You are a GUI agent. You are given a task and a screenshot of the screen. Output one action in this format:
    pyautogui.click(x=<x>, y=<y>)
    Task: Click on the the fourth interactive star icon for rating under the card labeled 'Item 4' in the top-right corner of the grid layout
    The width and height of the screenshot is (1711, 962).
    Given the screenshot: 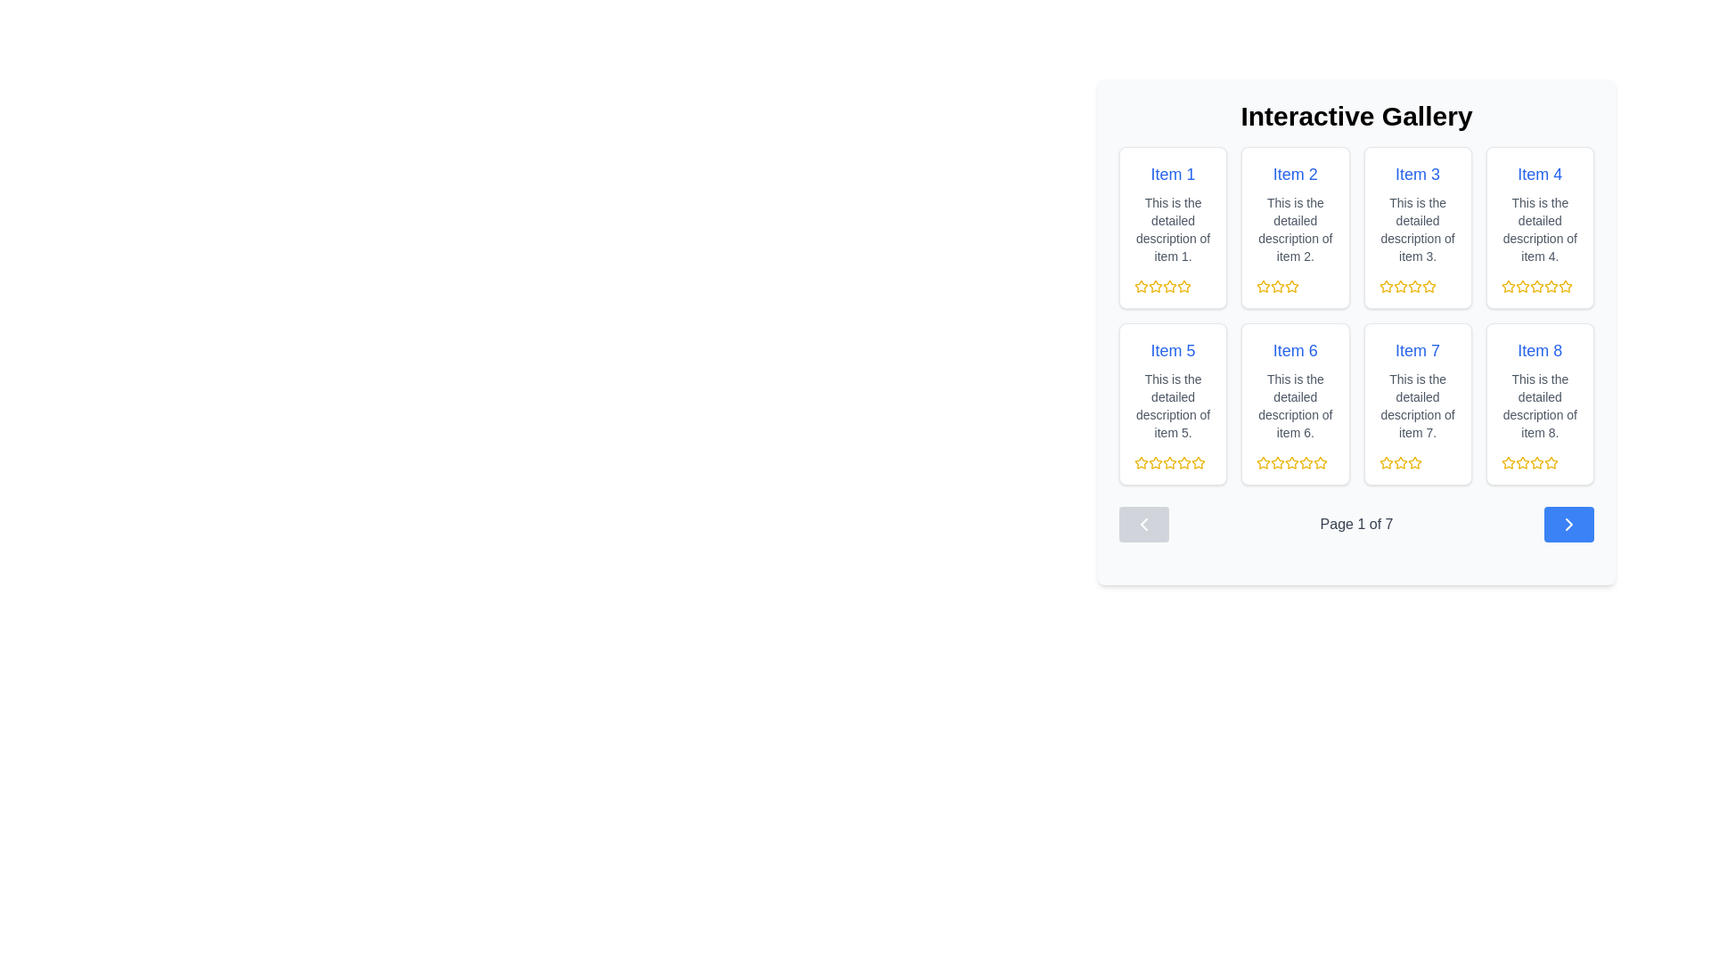 What is the action you would take?
    pyautogui.click(x=1550, y=285)
    